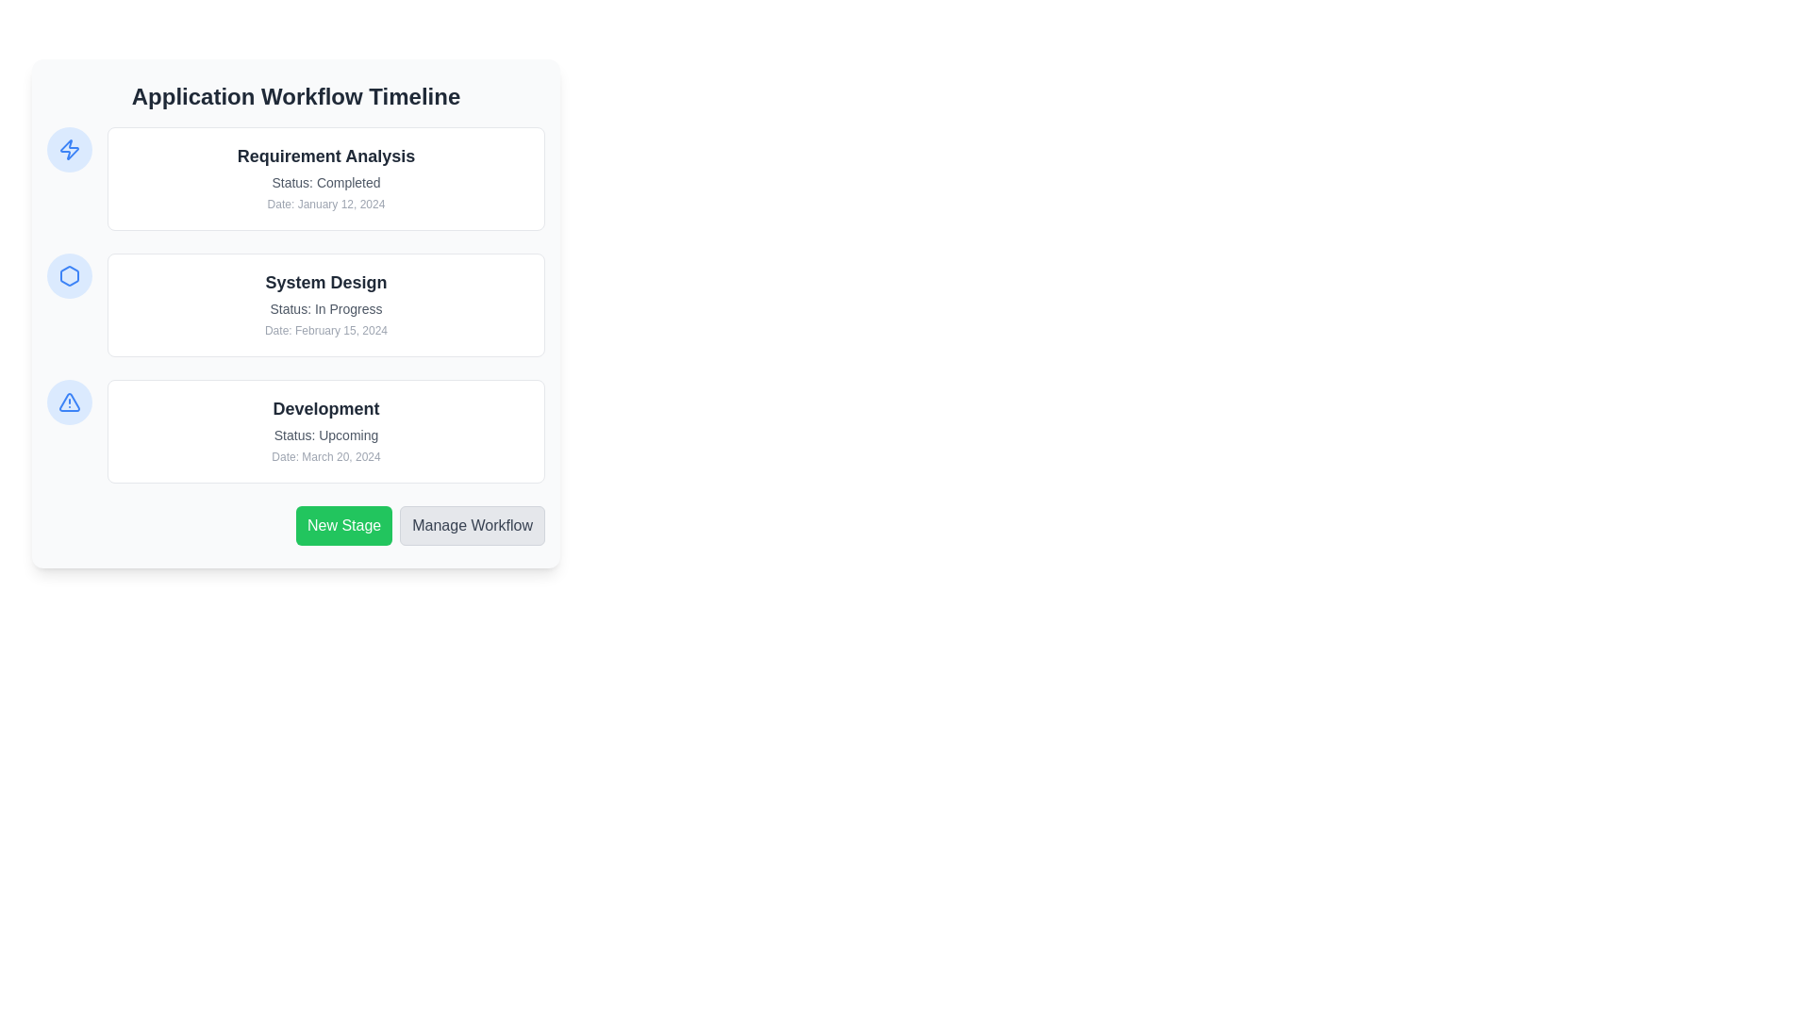  Describe the element at coordinates (325, 182) in the screenshot. I see `status indicator text located below 'Requirement Analysis' and above 'Date: January 12, 2024' in the upper left section of the layout` at that location.